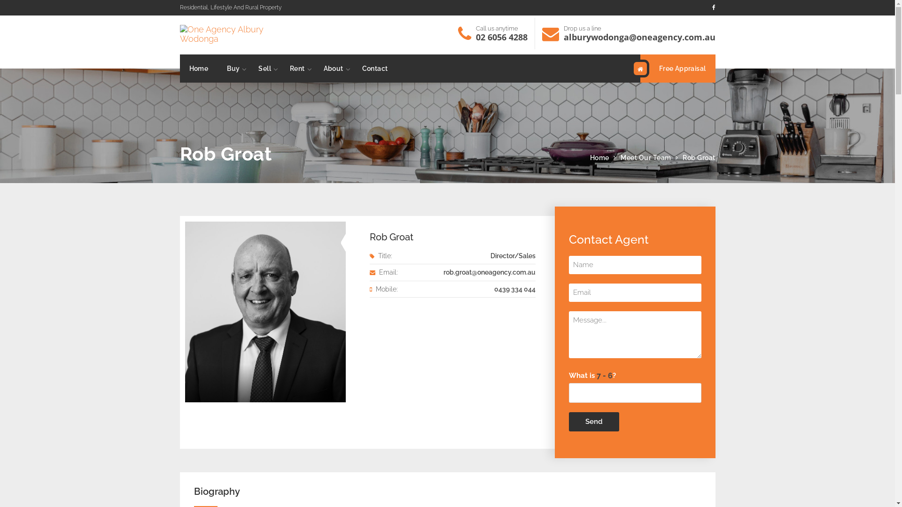  I want to click on 'About', so click(334, 68).